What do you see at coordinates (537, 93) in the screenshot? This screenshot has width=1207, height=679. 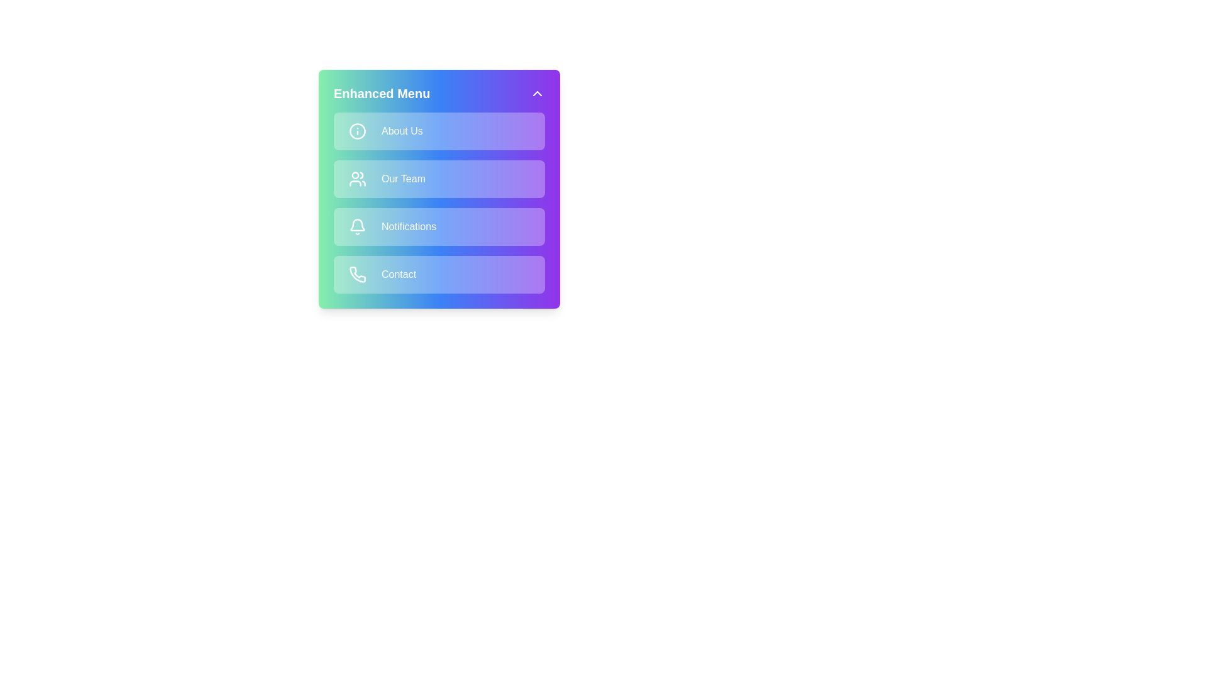 I see `the toggle button to expand or collapse the menu` at bounding box center [537, 93].